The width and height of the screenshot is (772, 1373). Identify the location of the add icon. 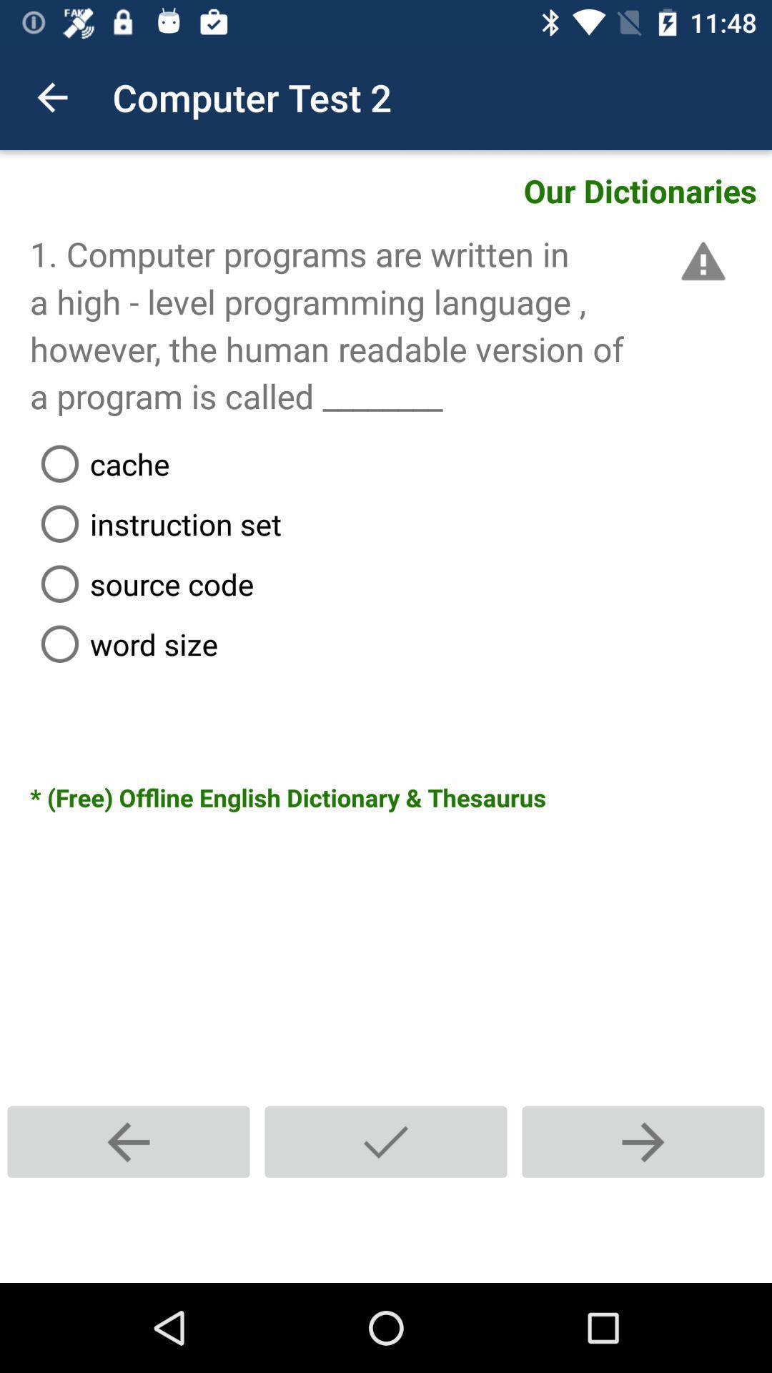
(642, 1141).